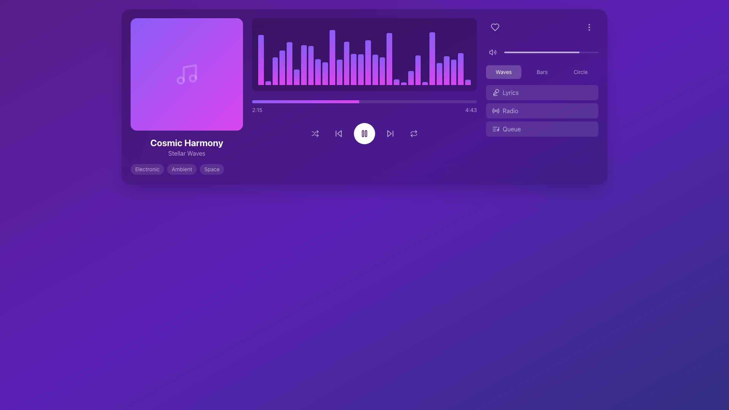  I want to click on the 'skip back' icon, which features a leftward pointing arrowhead and a vertical line, located in the bottom center section of the interface, so click(338, 133).